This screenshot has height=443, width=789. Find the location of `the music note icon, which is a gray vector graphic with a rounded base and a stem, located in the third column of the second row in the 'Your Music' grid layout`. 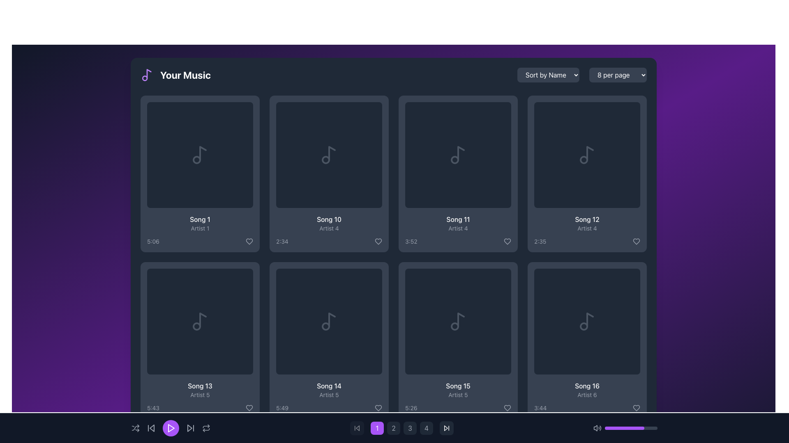

the music note icon, which is a gray vector graphic with a rounded base and a stem, located in the third column of the second row in the 'Your Music' grid layout is located at coordinates (457, 155).